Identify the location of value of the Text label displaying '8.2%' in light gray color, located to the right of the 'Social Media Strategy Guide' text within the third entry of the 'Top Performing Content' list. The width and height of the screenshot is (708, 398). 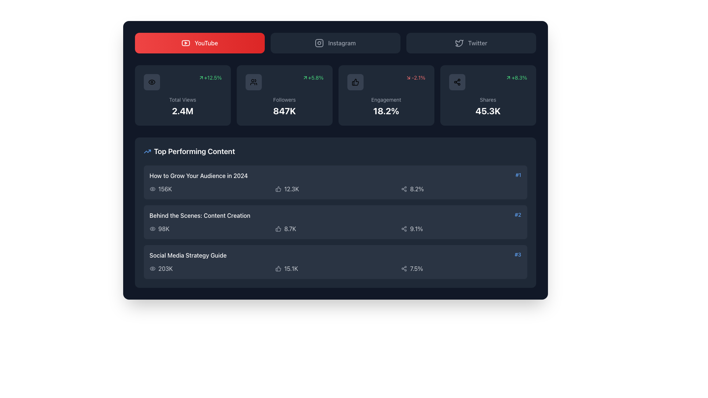
(417, 189).